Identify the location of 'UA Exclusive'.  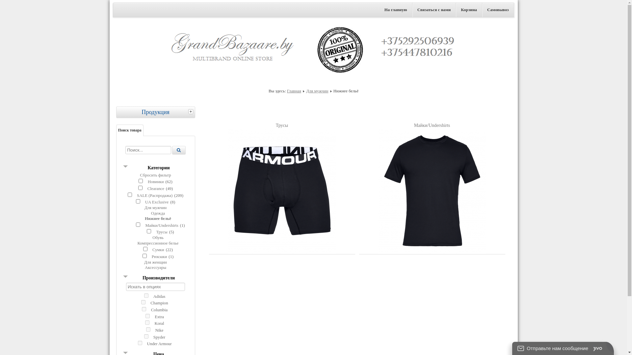
(156, 201).